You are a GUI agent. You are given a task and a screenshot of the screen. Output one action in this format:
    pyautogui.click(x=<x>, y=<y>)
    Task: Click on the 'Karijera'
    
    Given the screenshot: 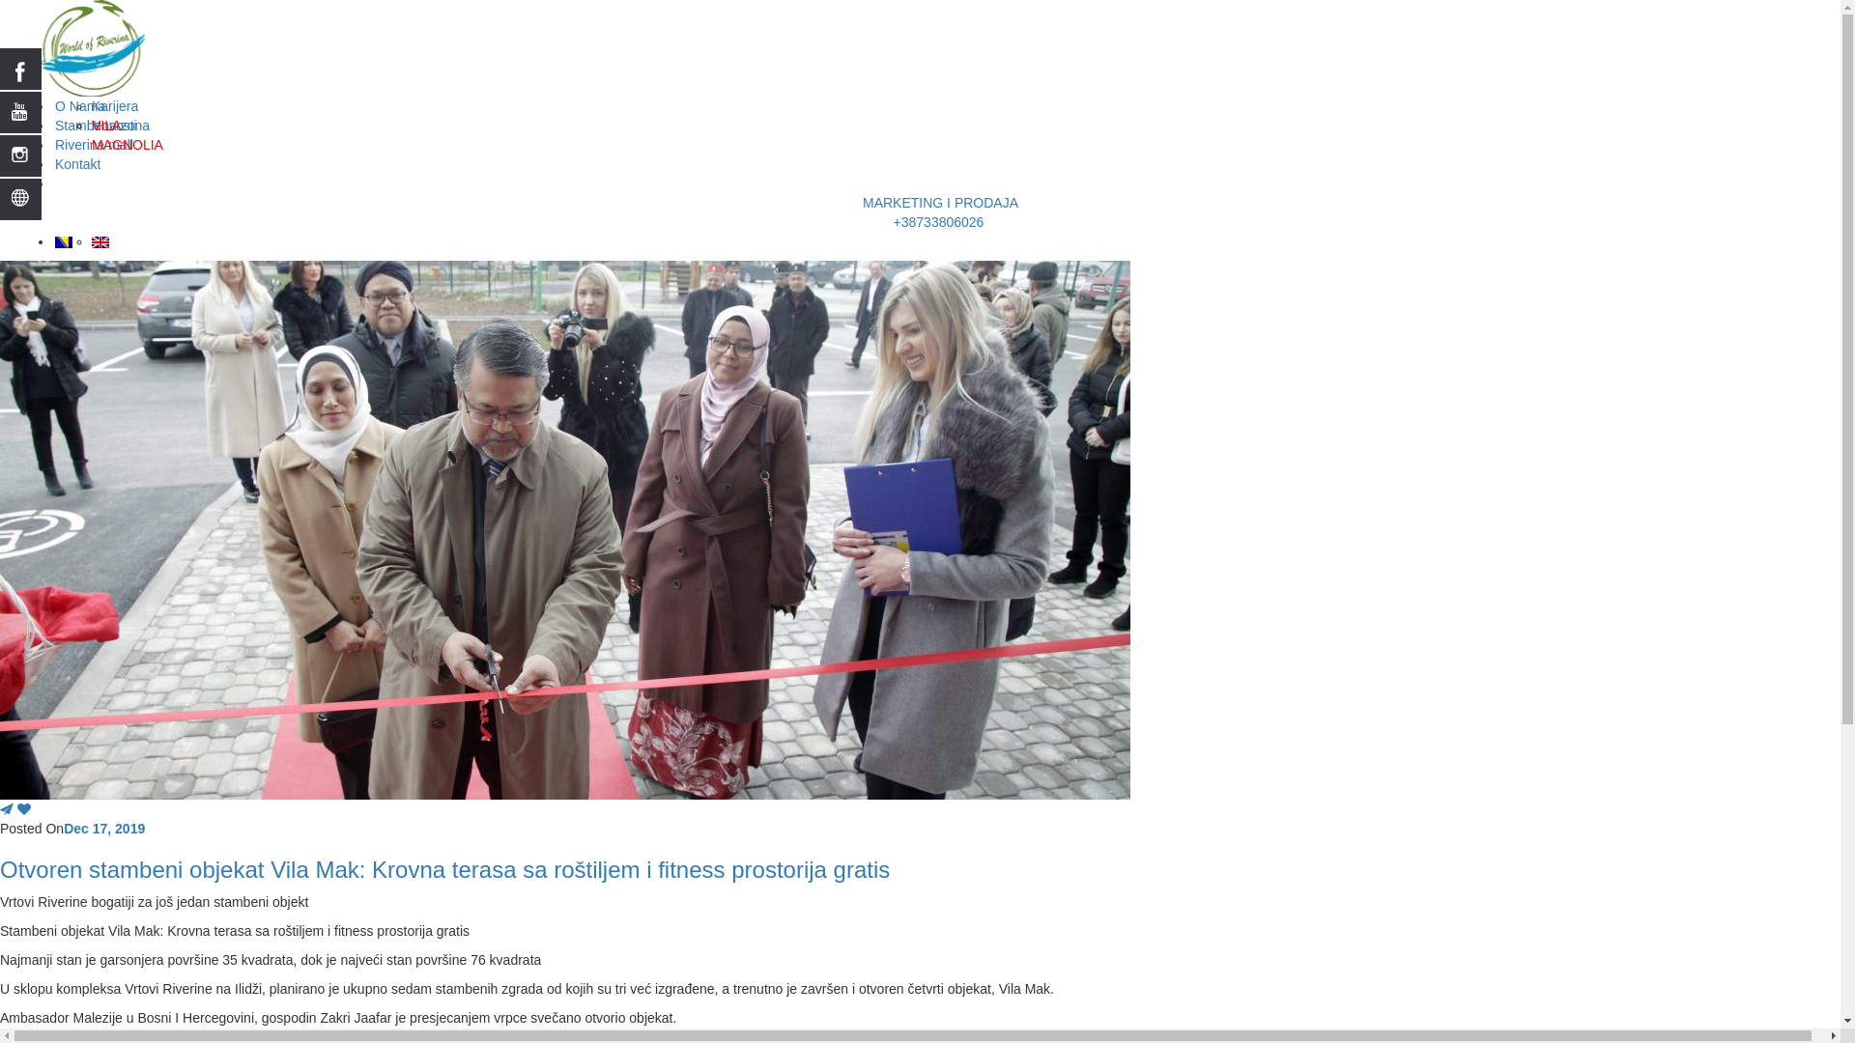 What is the action you would take?
    pyautogui.click(x=114, y=106)
    